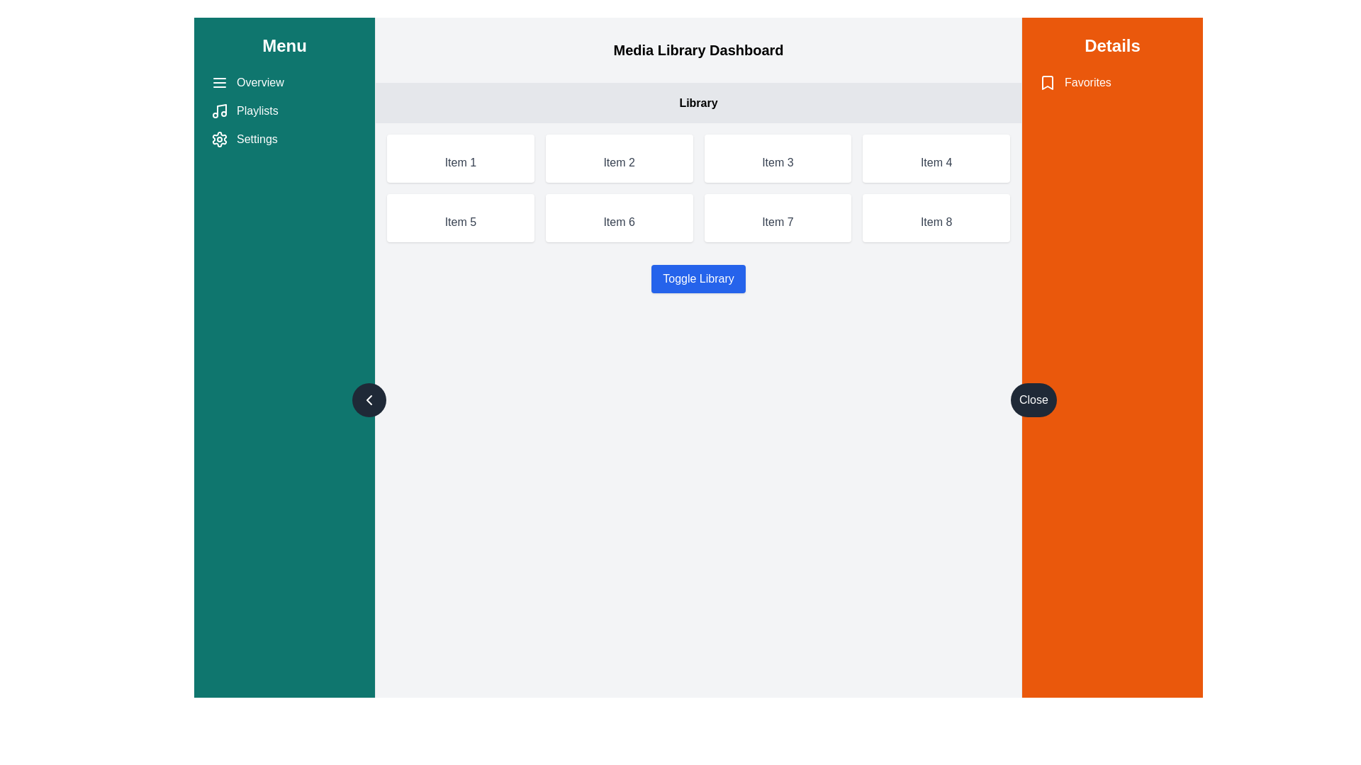  What do you see at coordinates (1034, 399) in the screenshot?
I see `the circular button labeled 'Close' with a dark gray background` at bounding box center [1034, 399].